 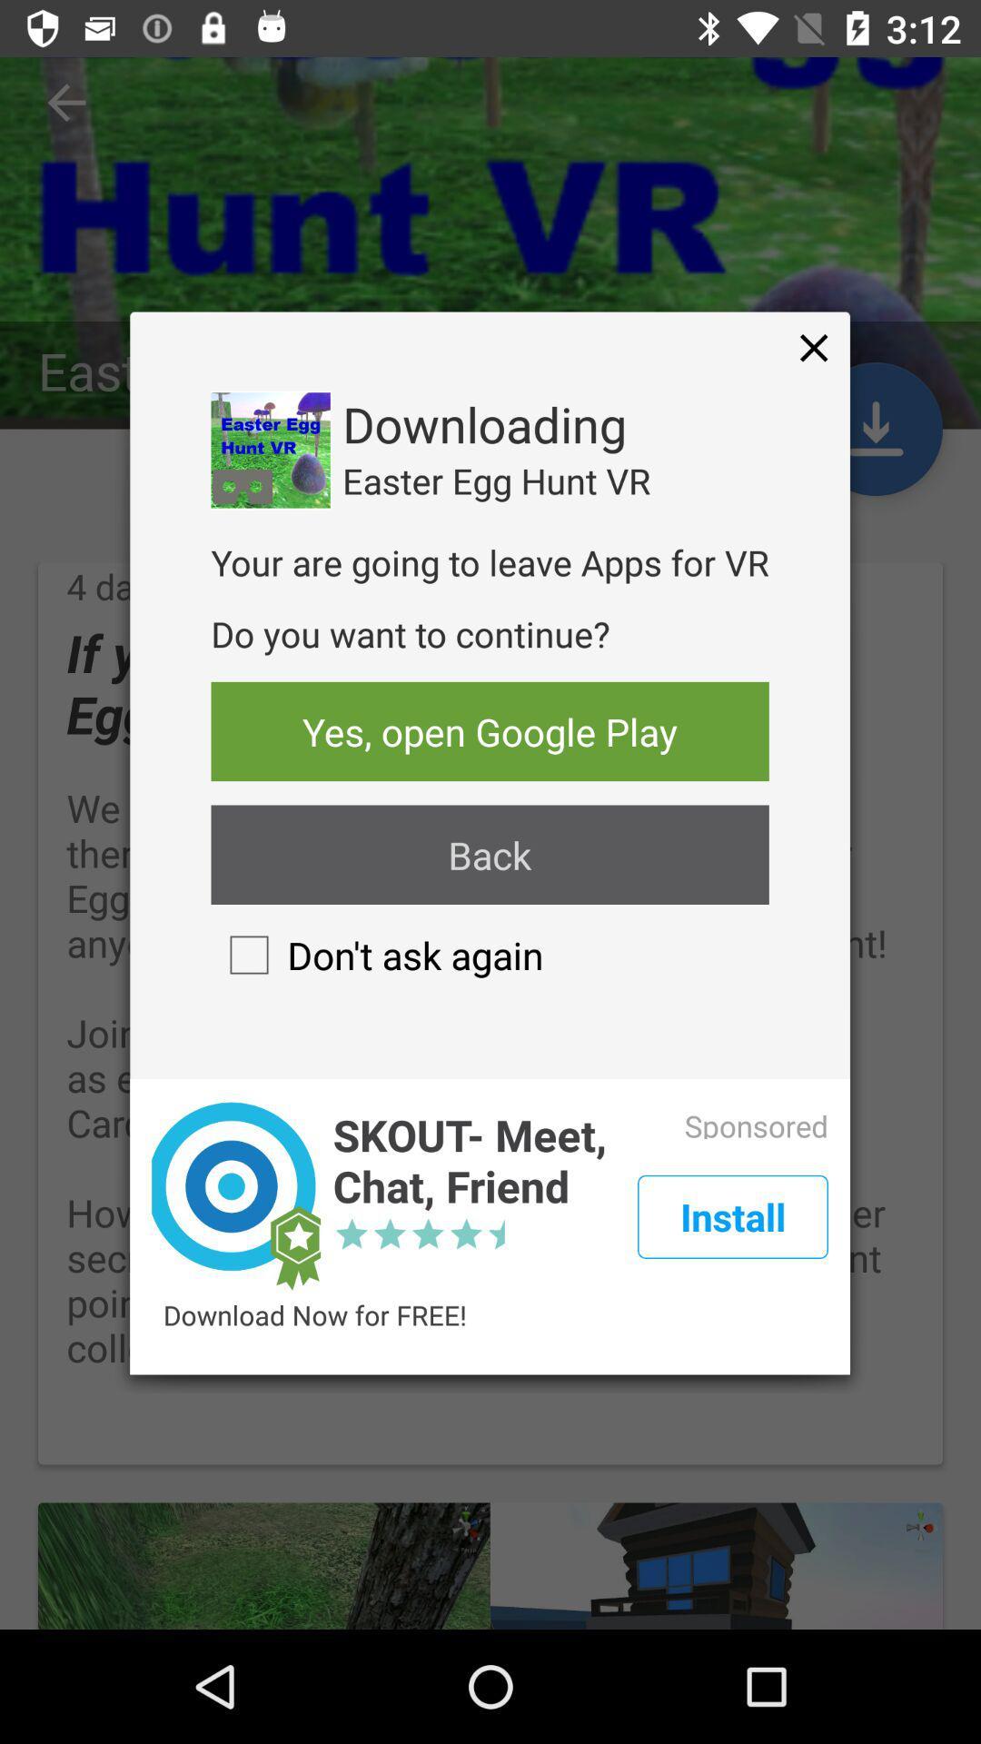 I want to click on icon above don t ask checkbox, so click(x=489, y=854).